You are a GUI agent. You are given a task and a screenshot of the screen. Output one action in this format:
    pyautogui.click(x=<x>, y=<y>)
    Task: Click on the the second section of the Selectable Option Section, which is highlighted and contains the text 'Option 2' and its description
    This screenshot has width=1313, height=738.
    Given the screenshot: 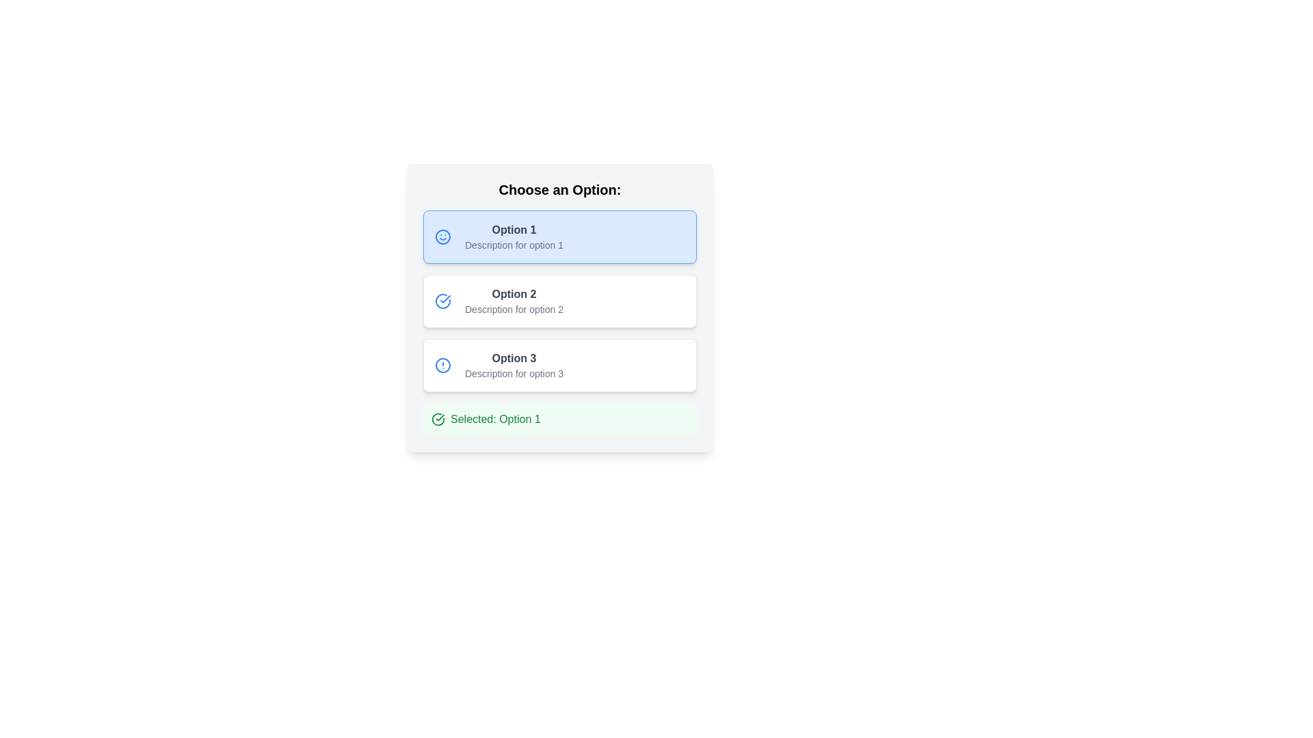 What is the action you would take?
    pyautogui.click(x=560, y=300)
    